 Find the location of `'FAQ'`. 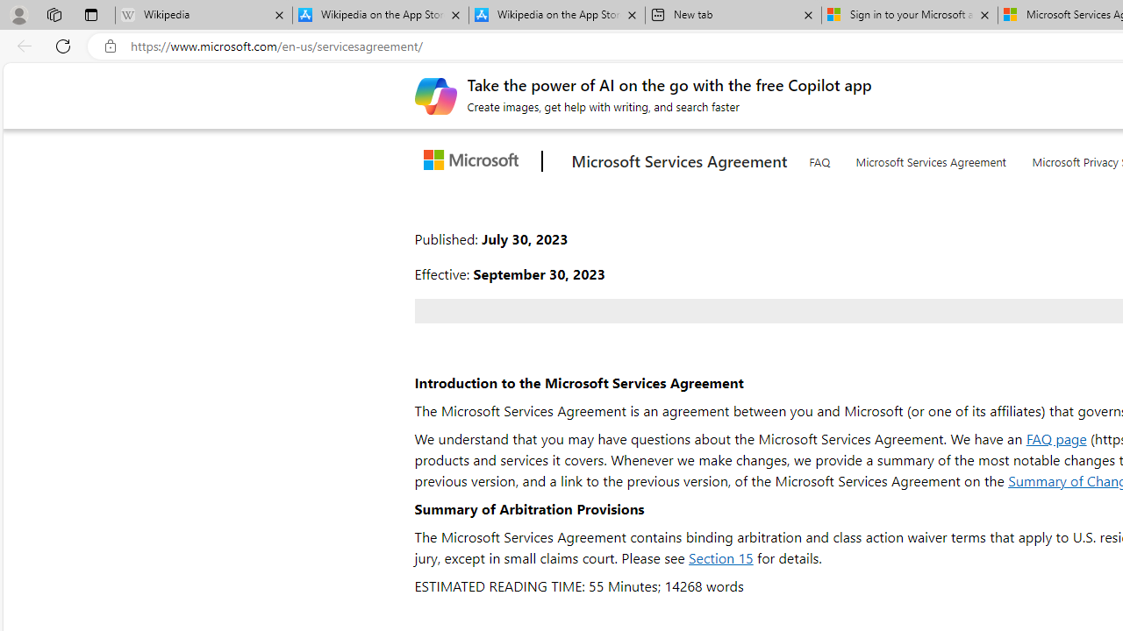

'FAQ' is located at coordinates (818, 159).